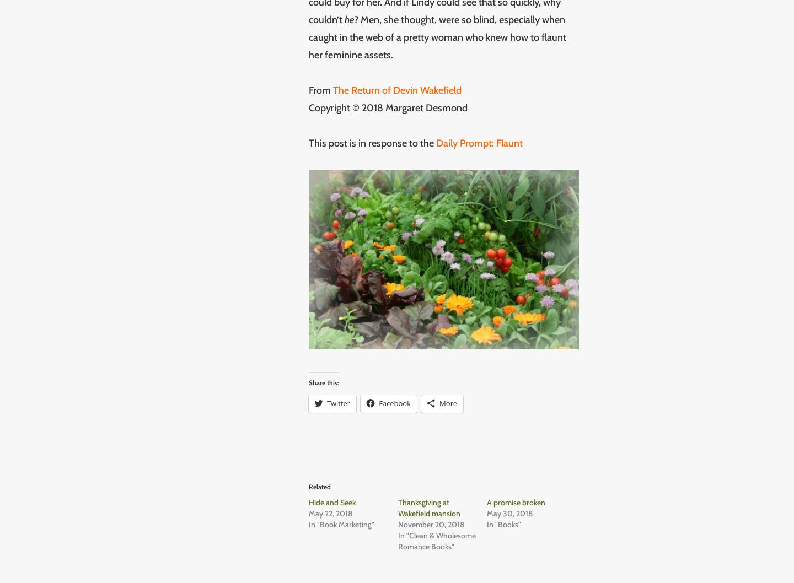 The width and height of the screenshot is (794, 583). I want to click on '? Men, she thought, were so blind, especially when caught in the web of a pretty woman who knew how to flaunt her feminine assets.', so click(437, 36).